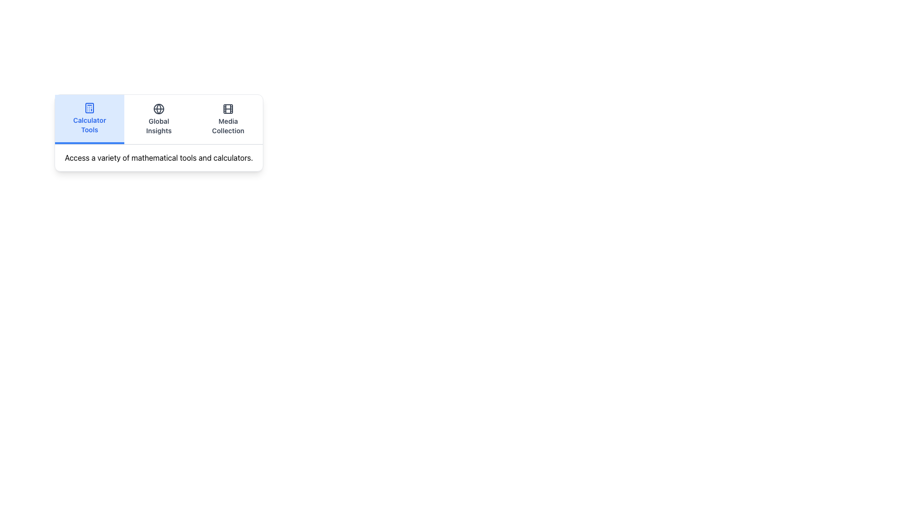 Image resolution: width=911 pixels, height=512 pixels. I want to click on the media collection button, so click(228, 119).